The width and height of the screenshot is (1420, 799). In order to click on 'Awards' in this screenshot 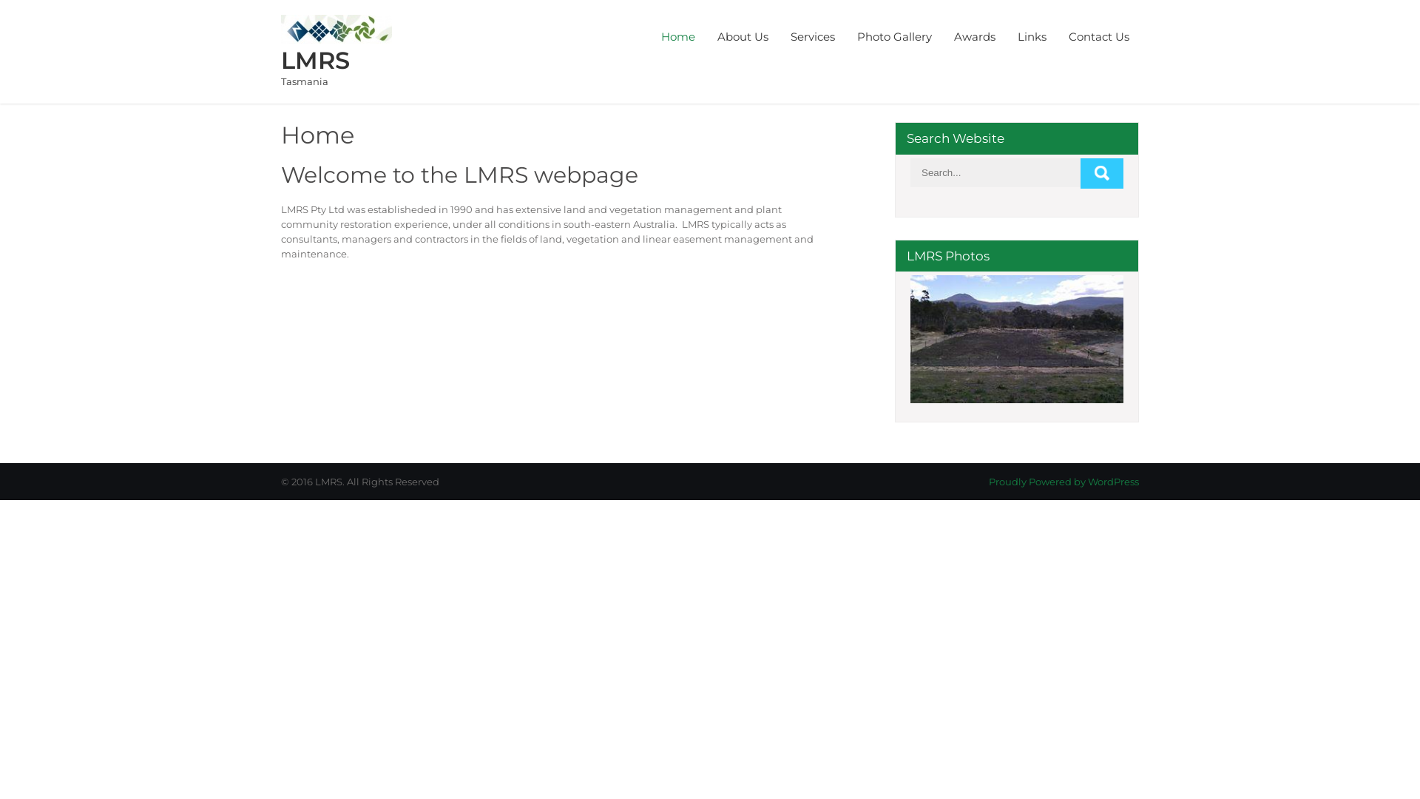, I will do `click(975, 36)`.